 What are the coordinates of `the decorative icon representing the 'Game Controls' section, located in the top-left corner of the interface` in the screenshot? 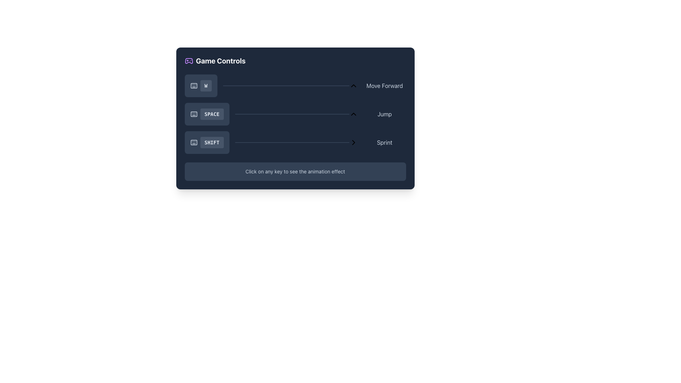 It's located at (189, 61).